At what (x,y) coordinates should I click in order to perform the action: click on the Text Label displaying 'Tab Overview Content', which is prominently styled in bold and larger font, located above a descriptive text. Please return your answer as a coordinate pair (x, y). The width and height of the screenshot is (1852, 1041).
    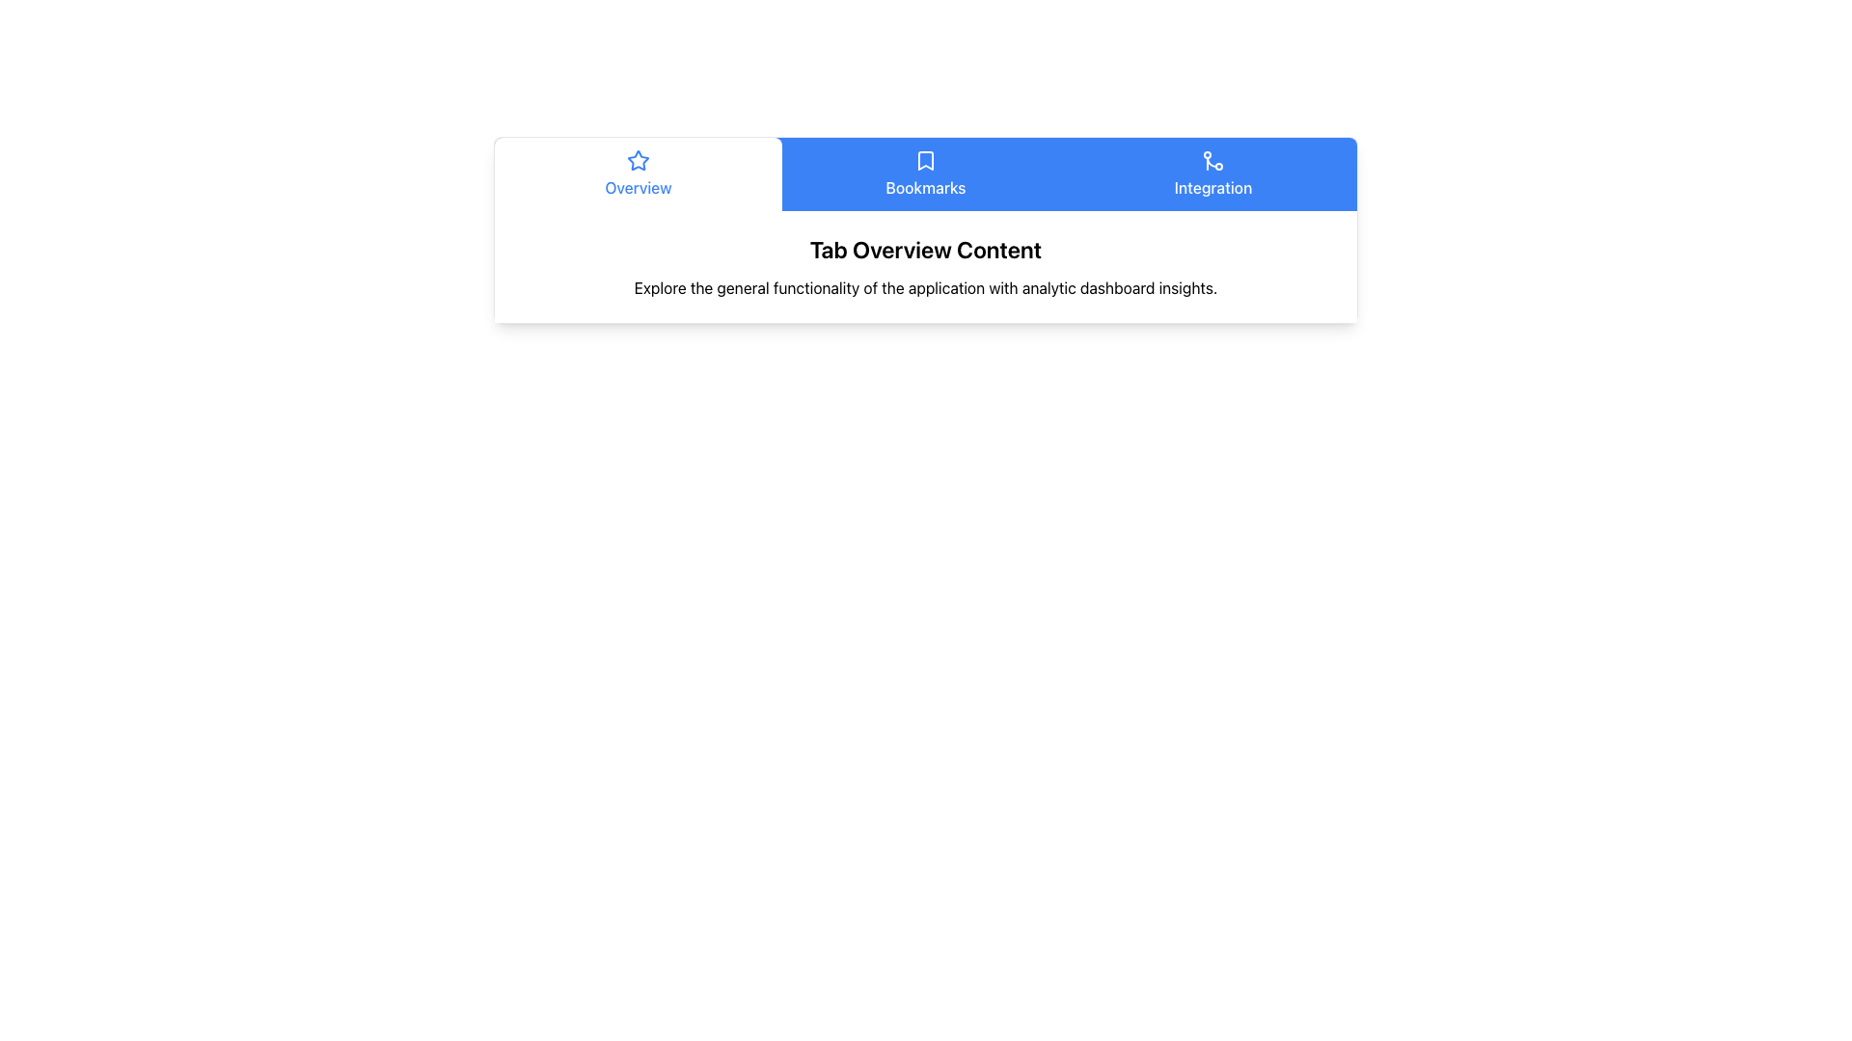
    Looking at the image, I should click on (926, 248).